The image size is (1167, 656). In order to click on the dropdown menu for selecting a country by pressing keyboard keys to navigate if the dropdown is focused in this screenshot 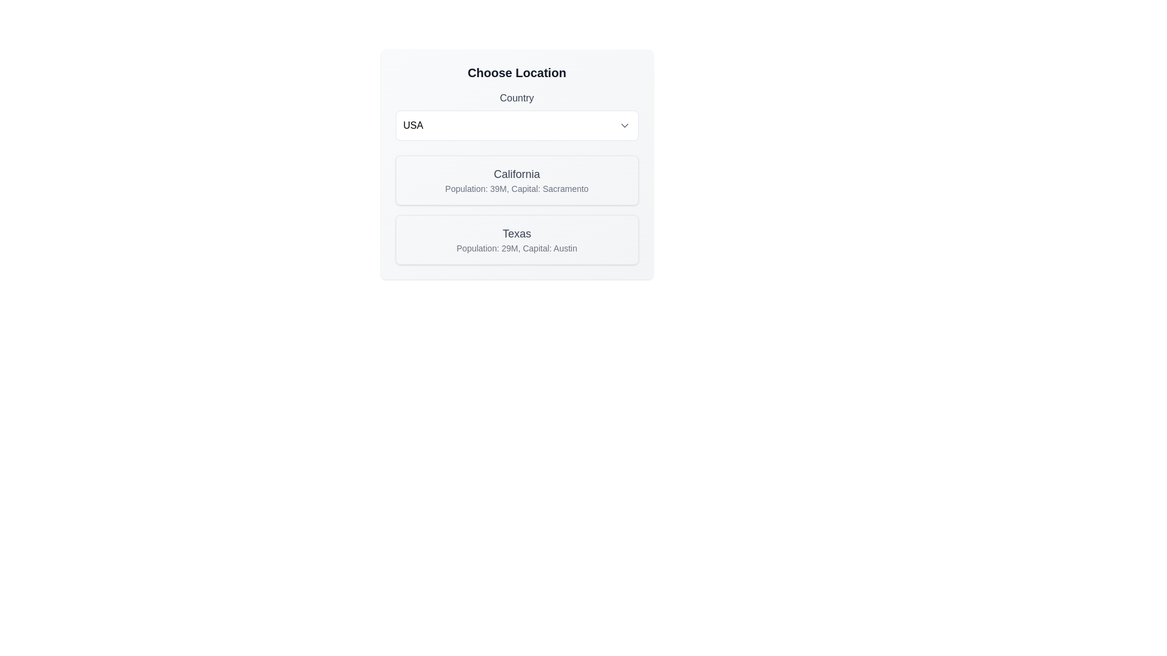, I will do `click(517, 116)`.